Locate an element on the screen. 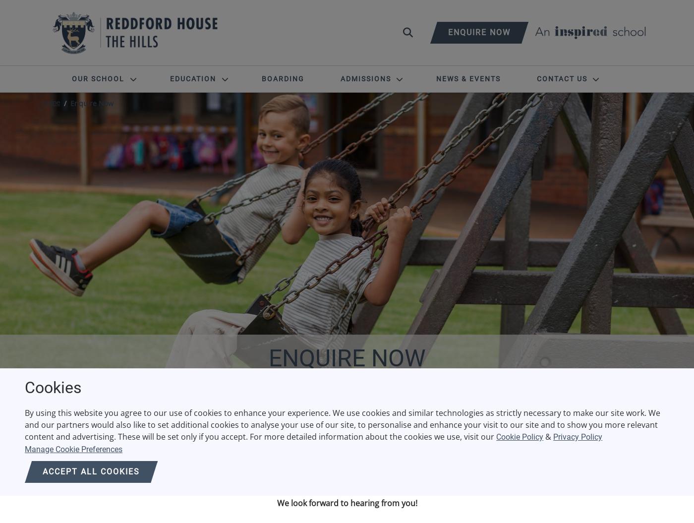 This screenshot has height=523, width=694. 'News & Events' is located at coordinates (468, 78).